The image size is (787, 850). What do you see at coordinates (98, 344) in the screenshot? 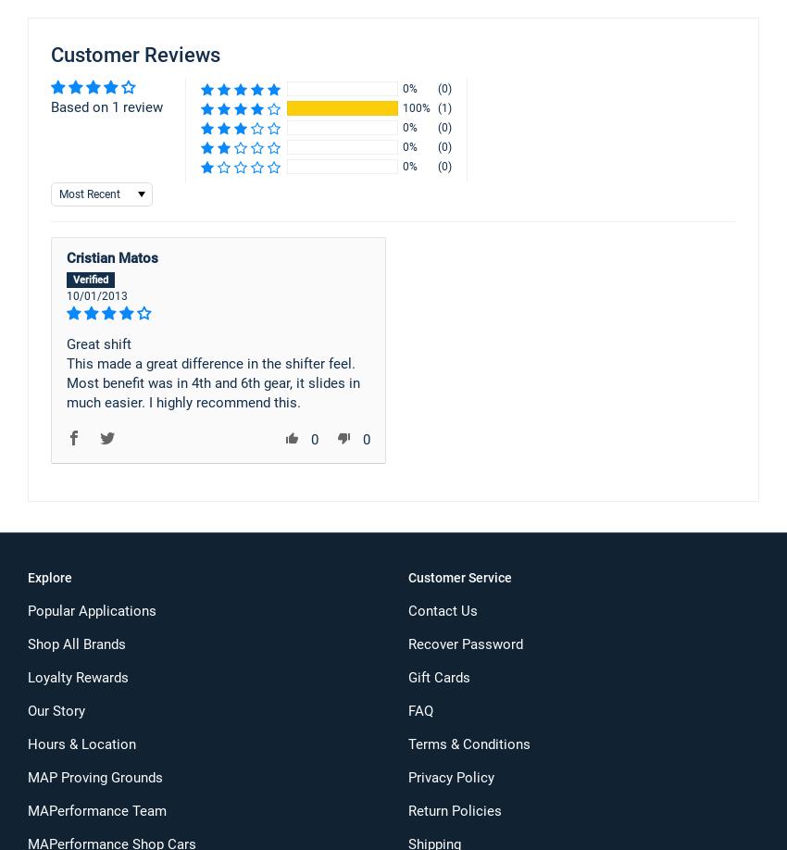
I see `'Great shift'` at bounding box center [98, 344].